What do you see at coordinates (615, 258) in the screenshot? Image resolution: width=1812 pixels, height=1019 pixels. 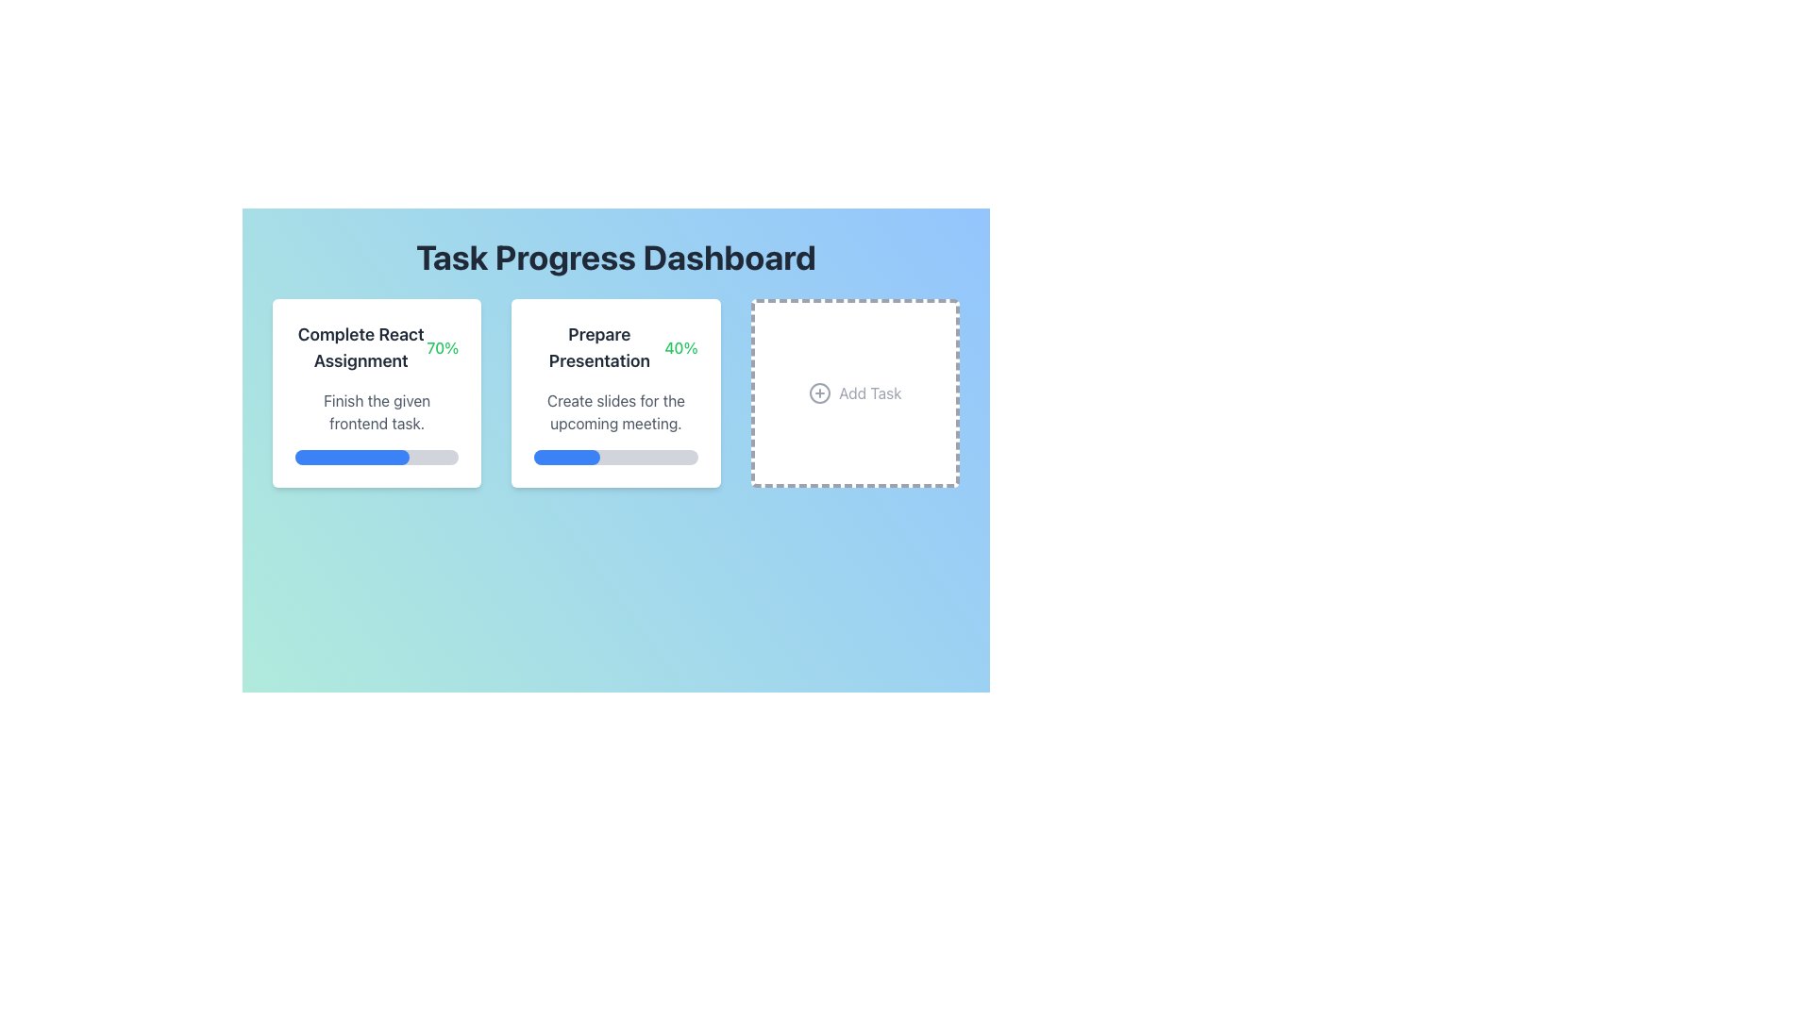 I see `text label located at the top center of the header area, which serves as the main title for the content below` at bounding box center [615, 258].